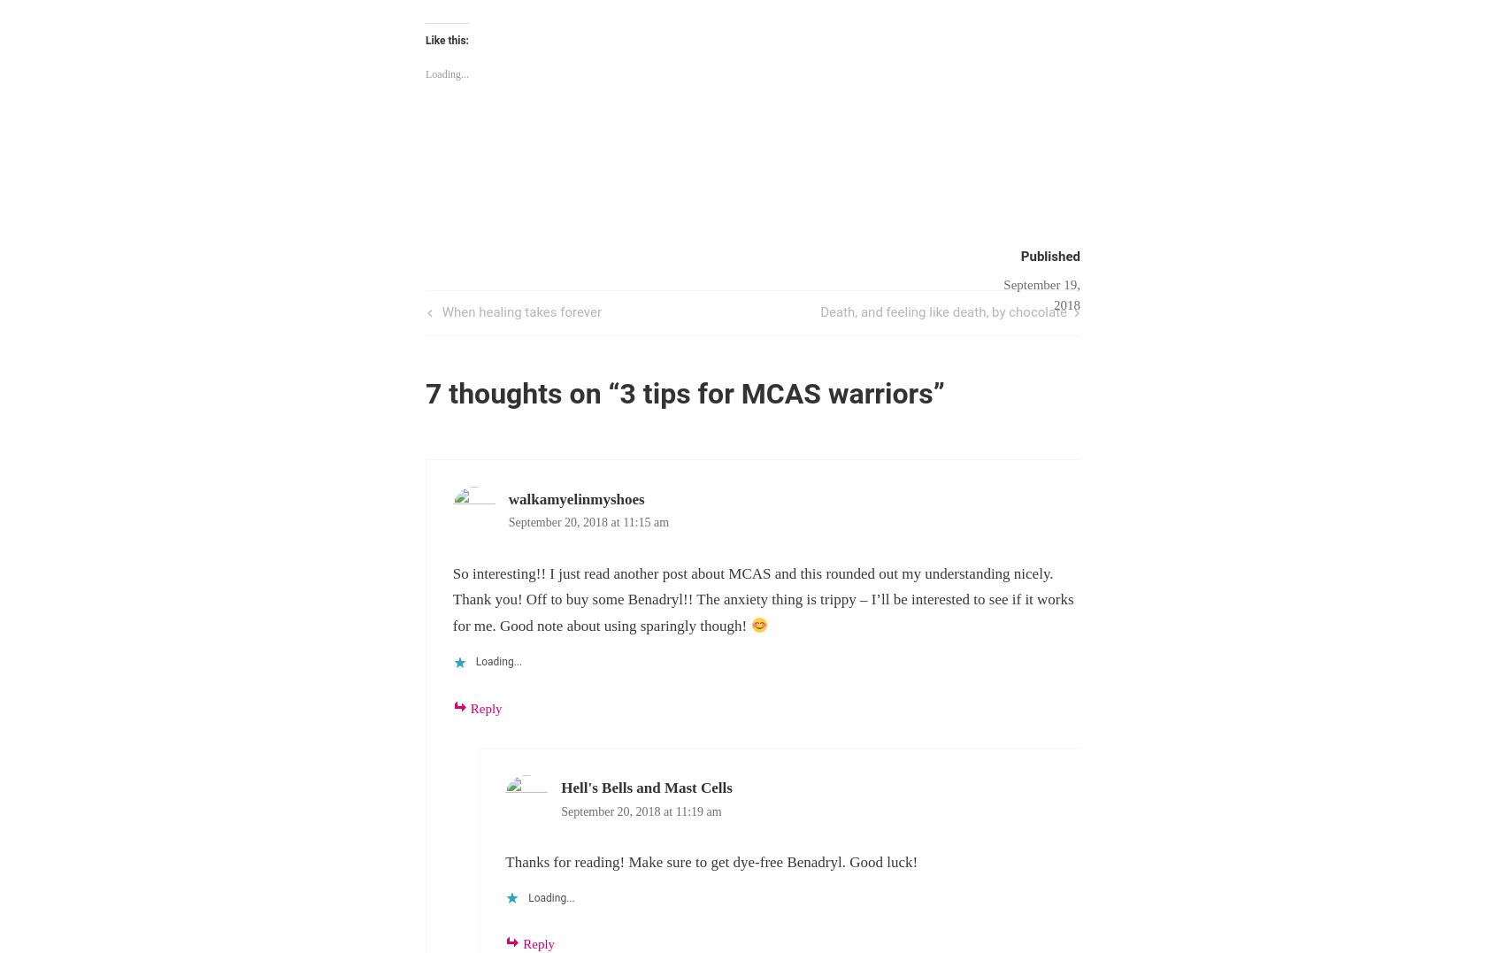 This screenshot has height=953, width=1506. I want to click on '3 tips for MCAS warriors', so click(776, 392).